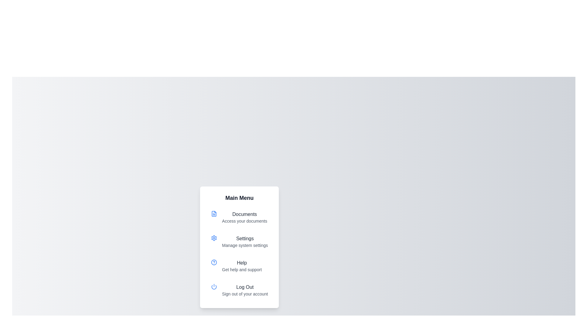  I want to click on the menu item labeled Settings, so click(239, 241).